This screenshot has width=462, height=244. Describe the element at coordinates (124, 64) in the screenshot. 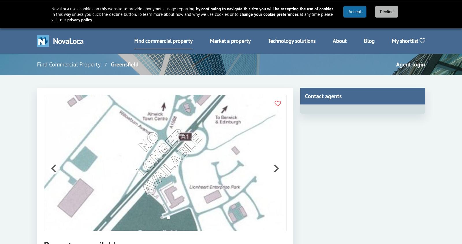

I see `'Greensfield'` at that location.